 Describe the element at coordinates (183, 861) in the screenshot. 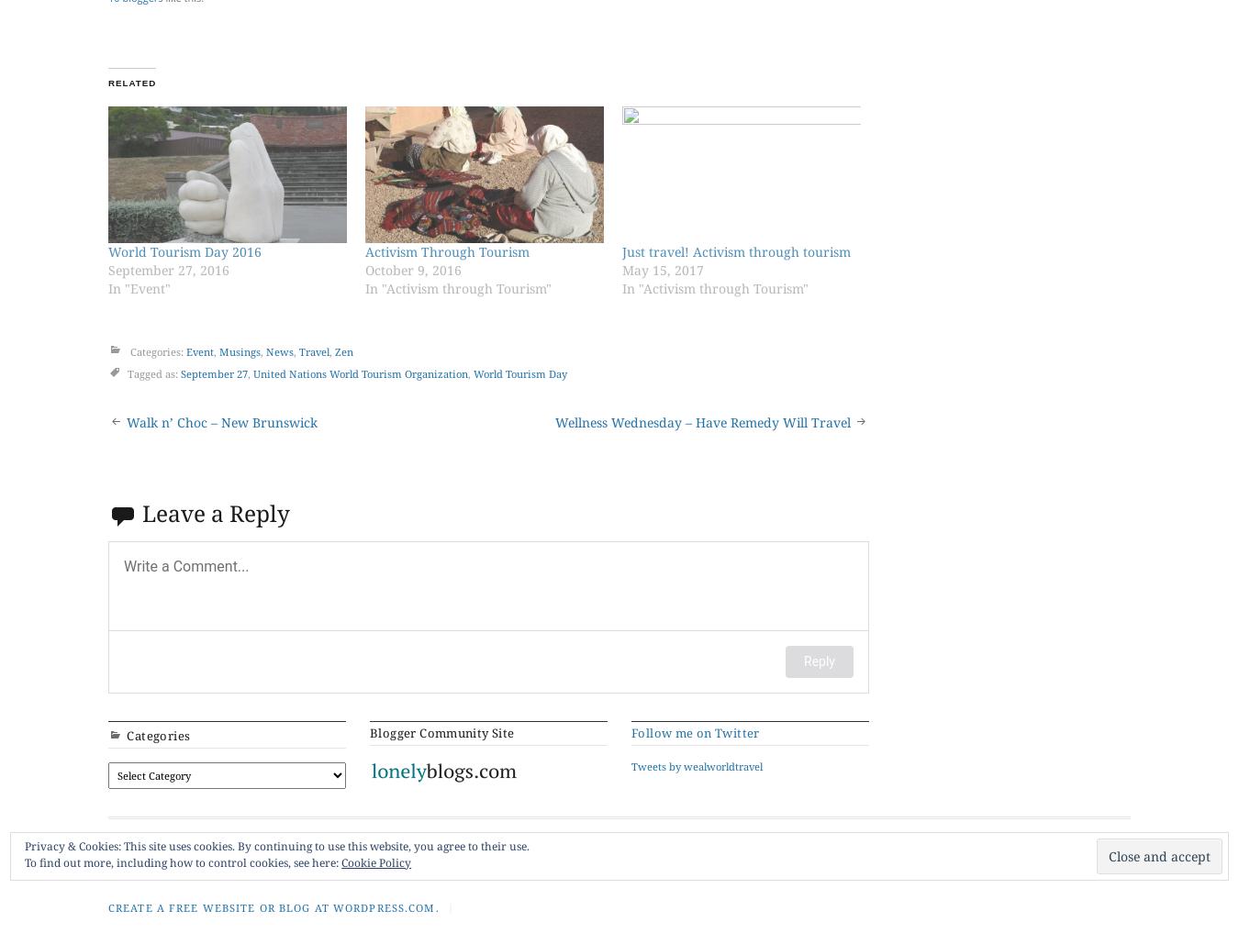

I see `'To find out more, including how to control cookies, see here:'` at that location.